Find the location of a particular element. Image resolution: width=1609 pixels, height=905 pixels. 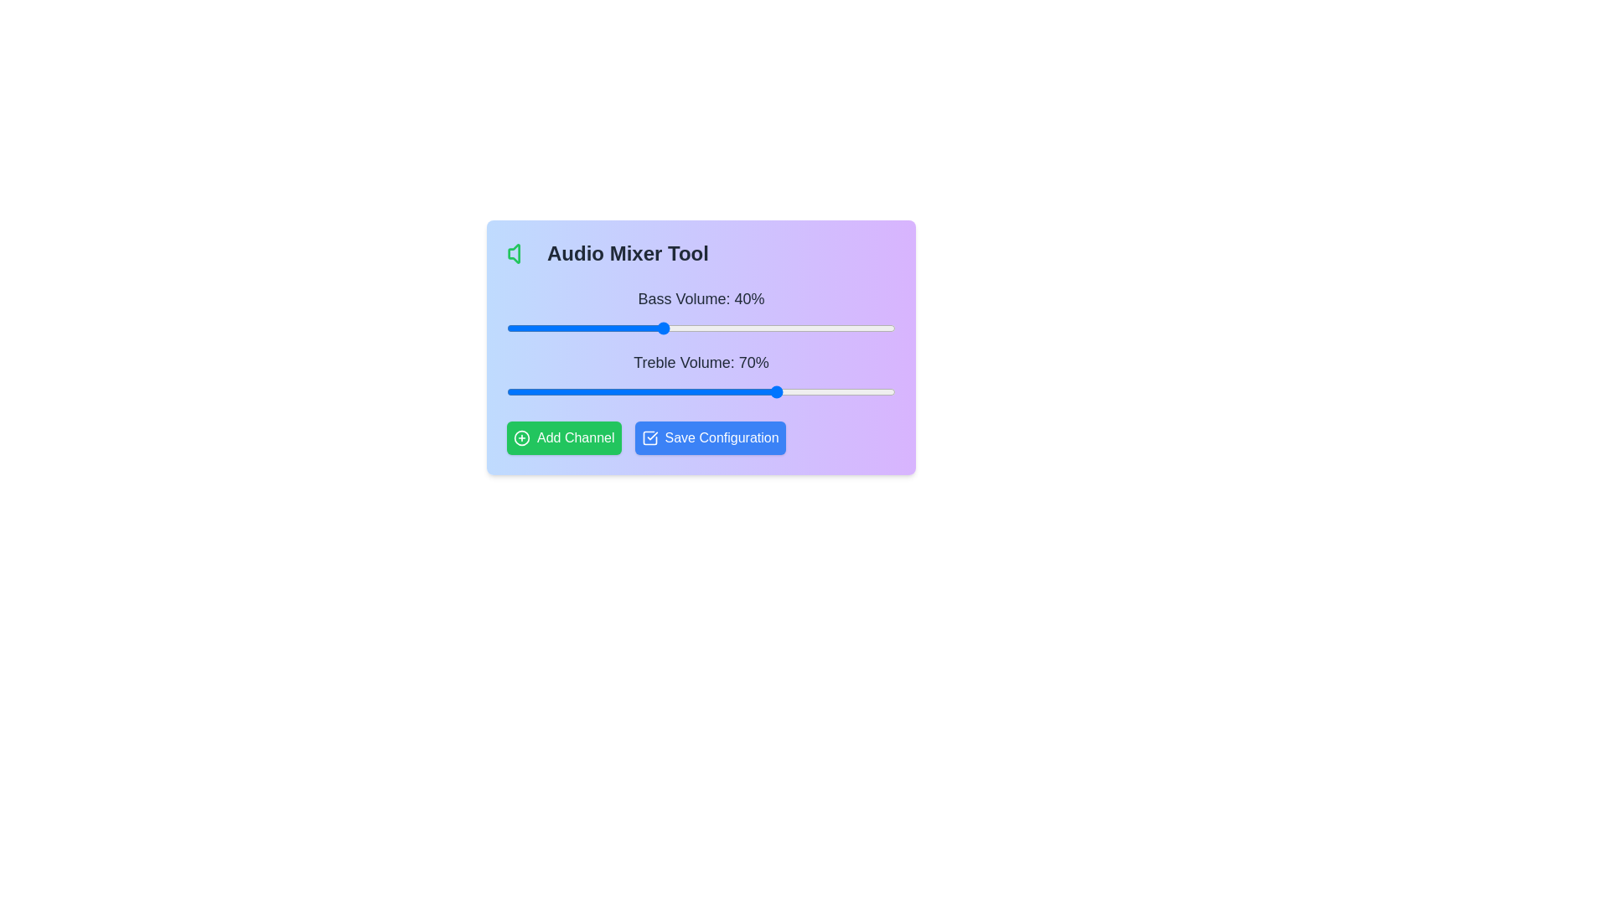

treble volume is located at coordinates (736, 391).